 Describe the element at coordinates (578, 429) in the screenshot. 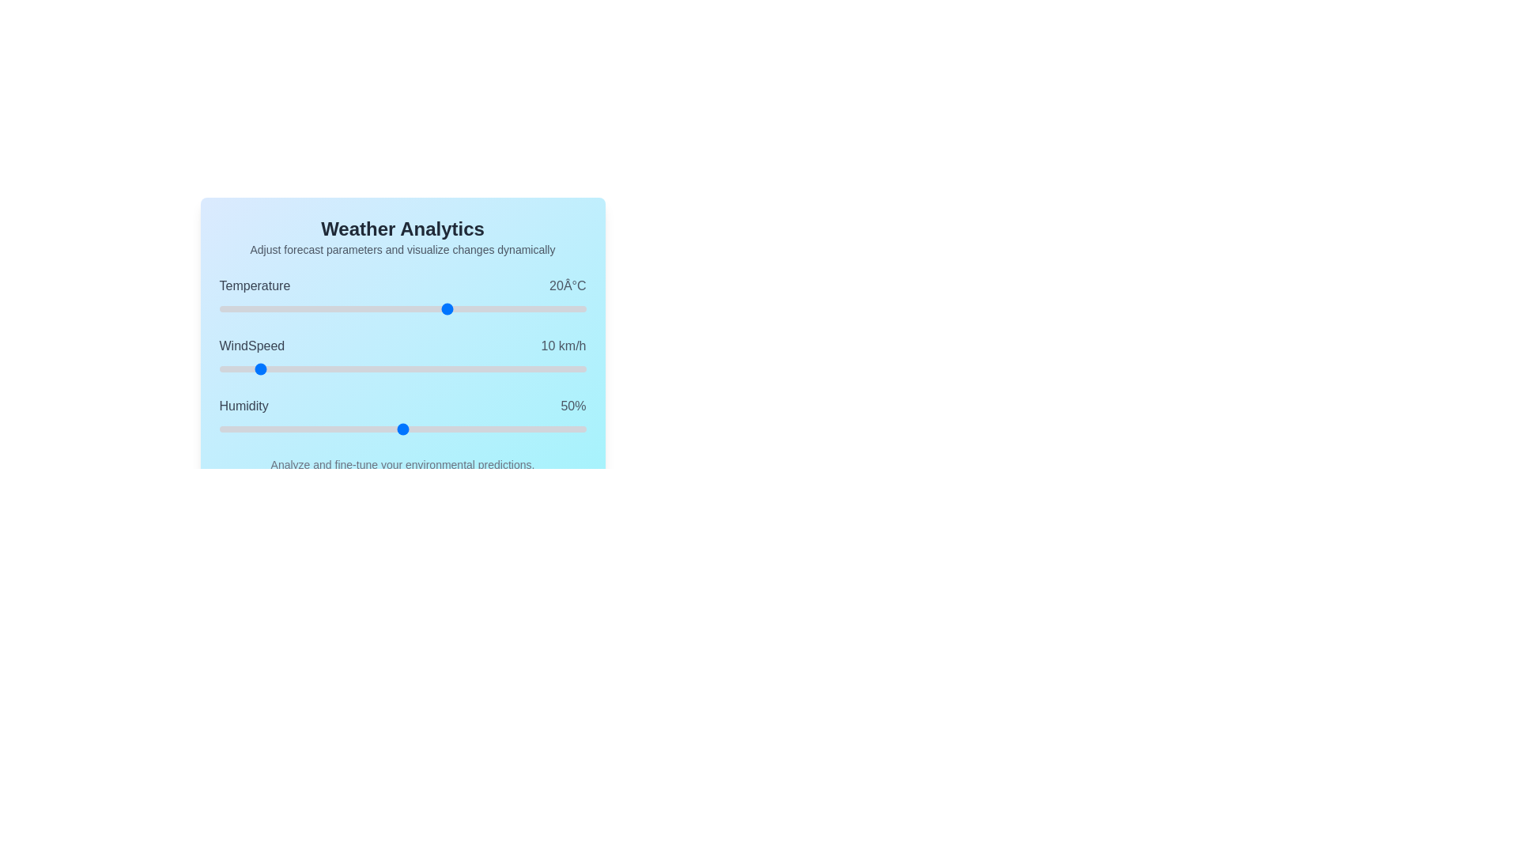

I see `the Humidity slider to set its value to 98` at that location.